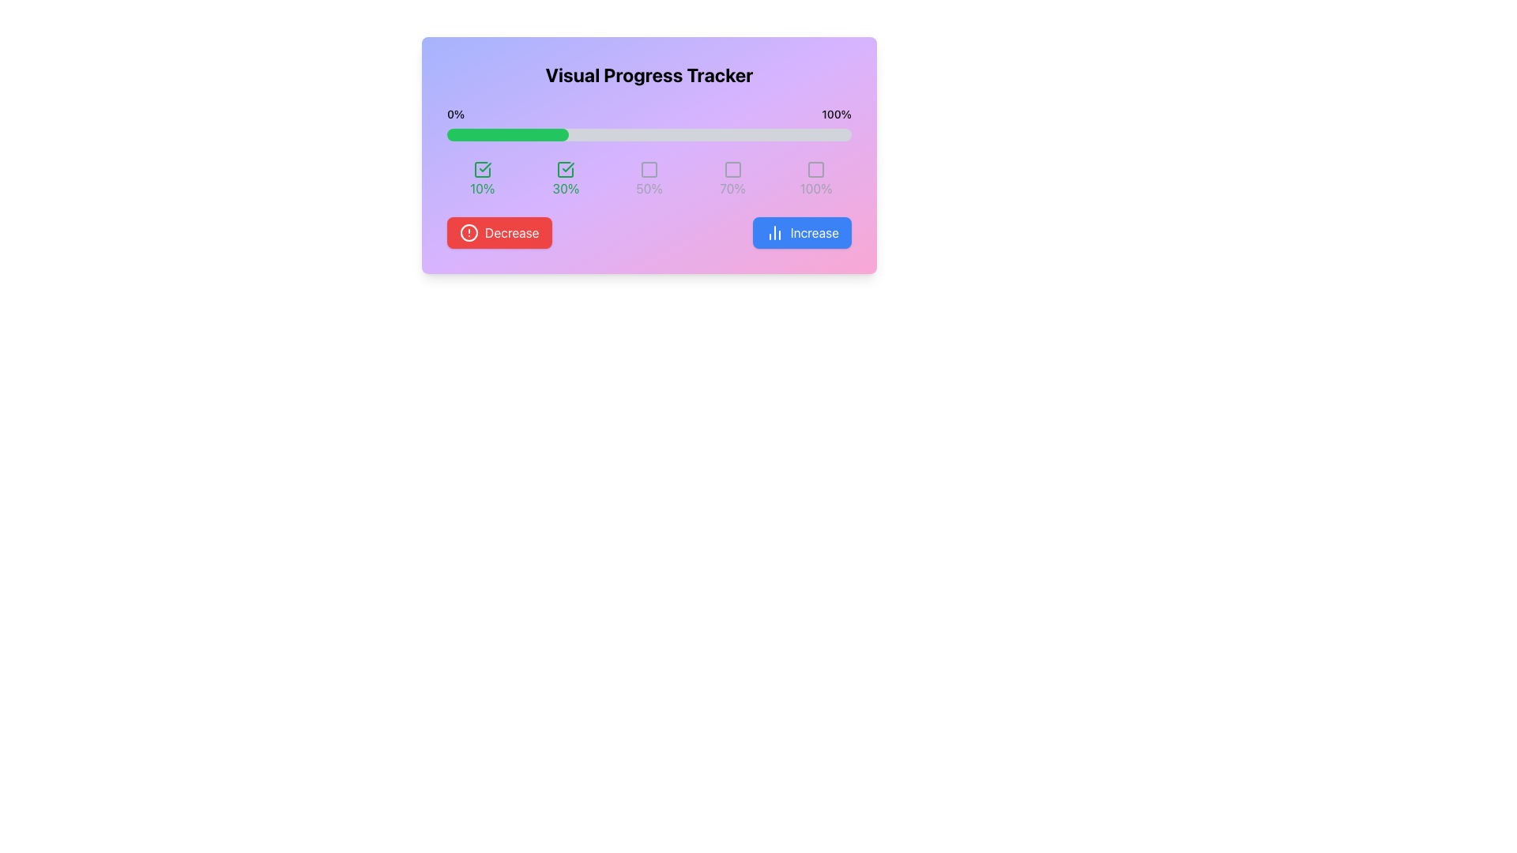  What do you see at coordinates (566, 178) in the screenshot?
I see `the checkbox in the second progress indicator that signifies 30% completion to interact with the progress` at bounding box center [566, 178].